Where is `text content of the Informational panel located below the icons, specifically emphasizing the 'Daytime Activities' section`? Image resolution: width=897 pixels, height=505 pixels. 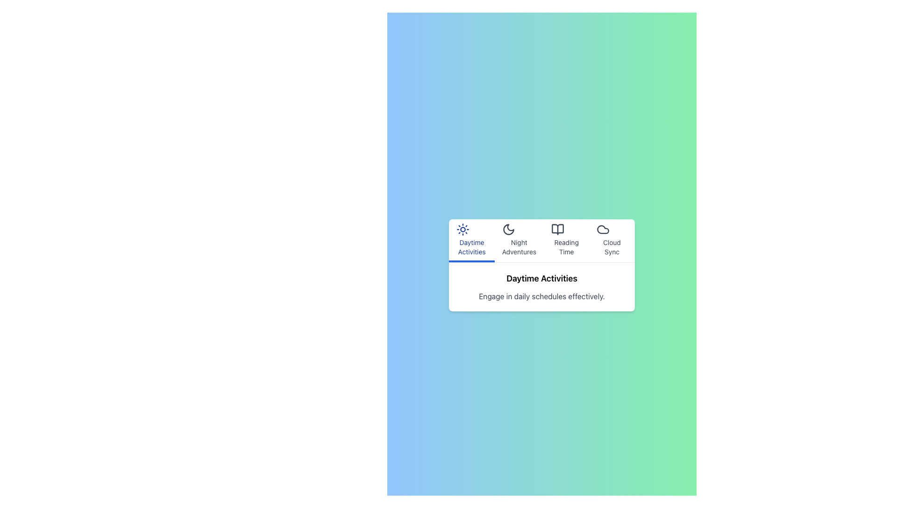 text content of the Informational panel located below the icons, specifically emphasizing the 'Daytime Activities' section is located at coordinates (542, 286).